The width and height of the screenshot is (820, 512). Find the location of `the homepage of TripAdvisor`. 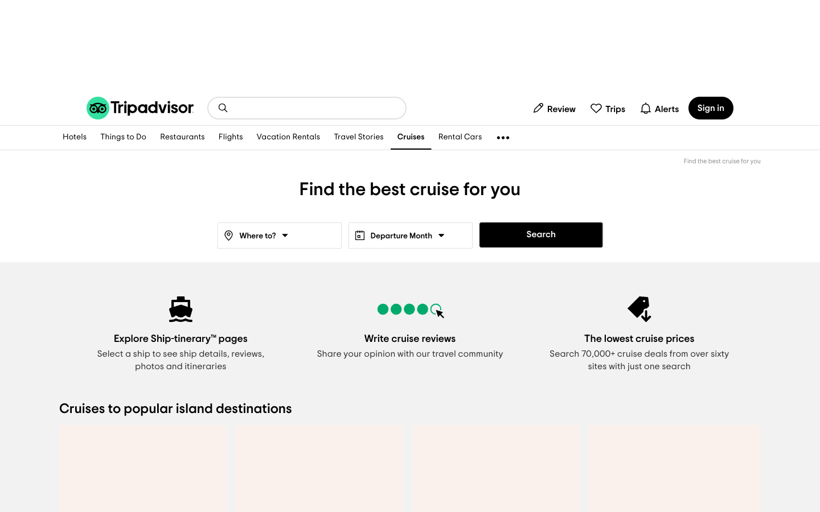

the homepage of TripAdvisor is located at coordinates (139, 108).